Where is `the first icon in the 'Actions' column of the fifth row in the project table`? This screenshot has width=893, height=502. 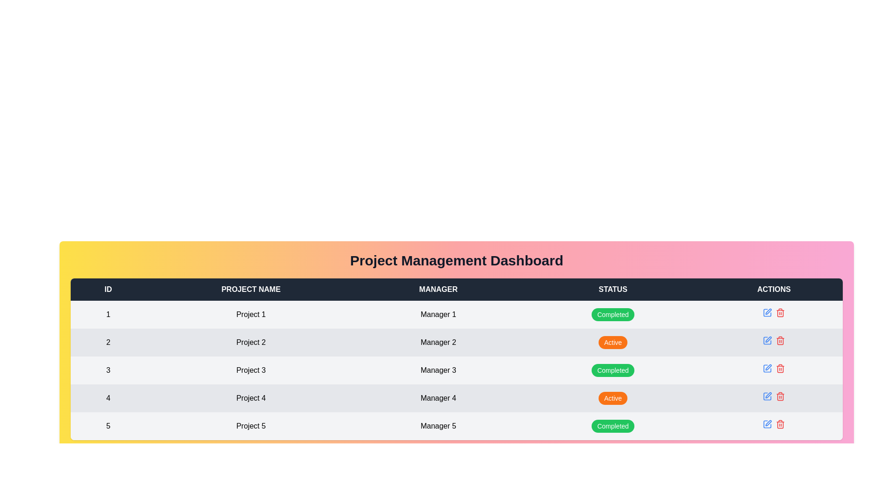
the first icon in the 'Actions' column of the fifth row in the project table is located at coordinates (768, 311).